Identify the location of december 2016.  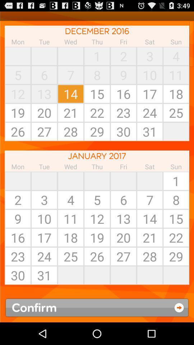
(97, 31).